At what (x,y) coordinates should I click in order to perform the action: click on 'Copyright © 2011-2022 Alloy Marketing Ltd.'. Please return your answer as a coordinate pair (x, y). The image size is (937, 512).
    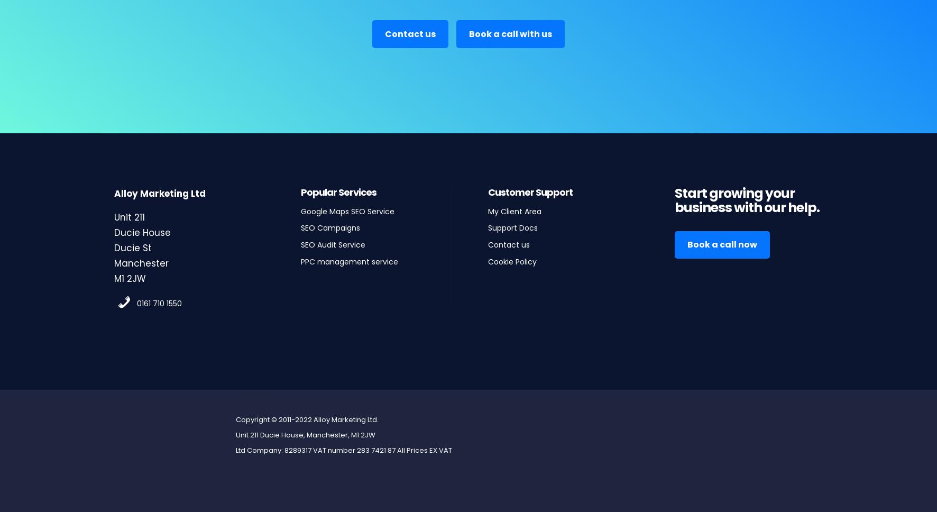
    Looking at the image, I should click on (306, 418).